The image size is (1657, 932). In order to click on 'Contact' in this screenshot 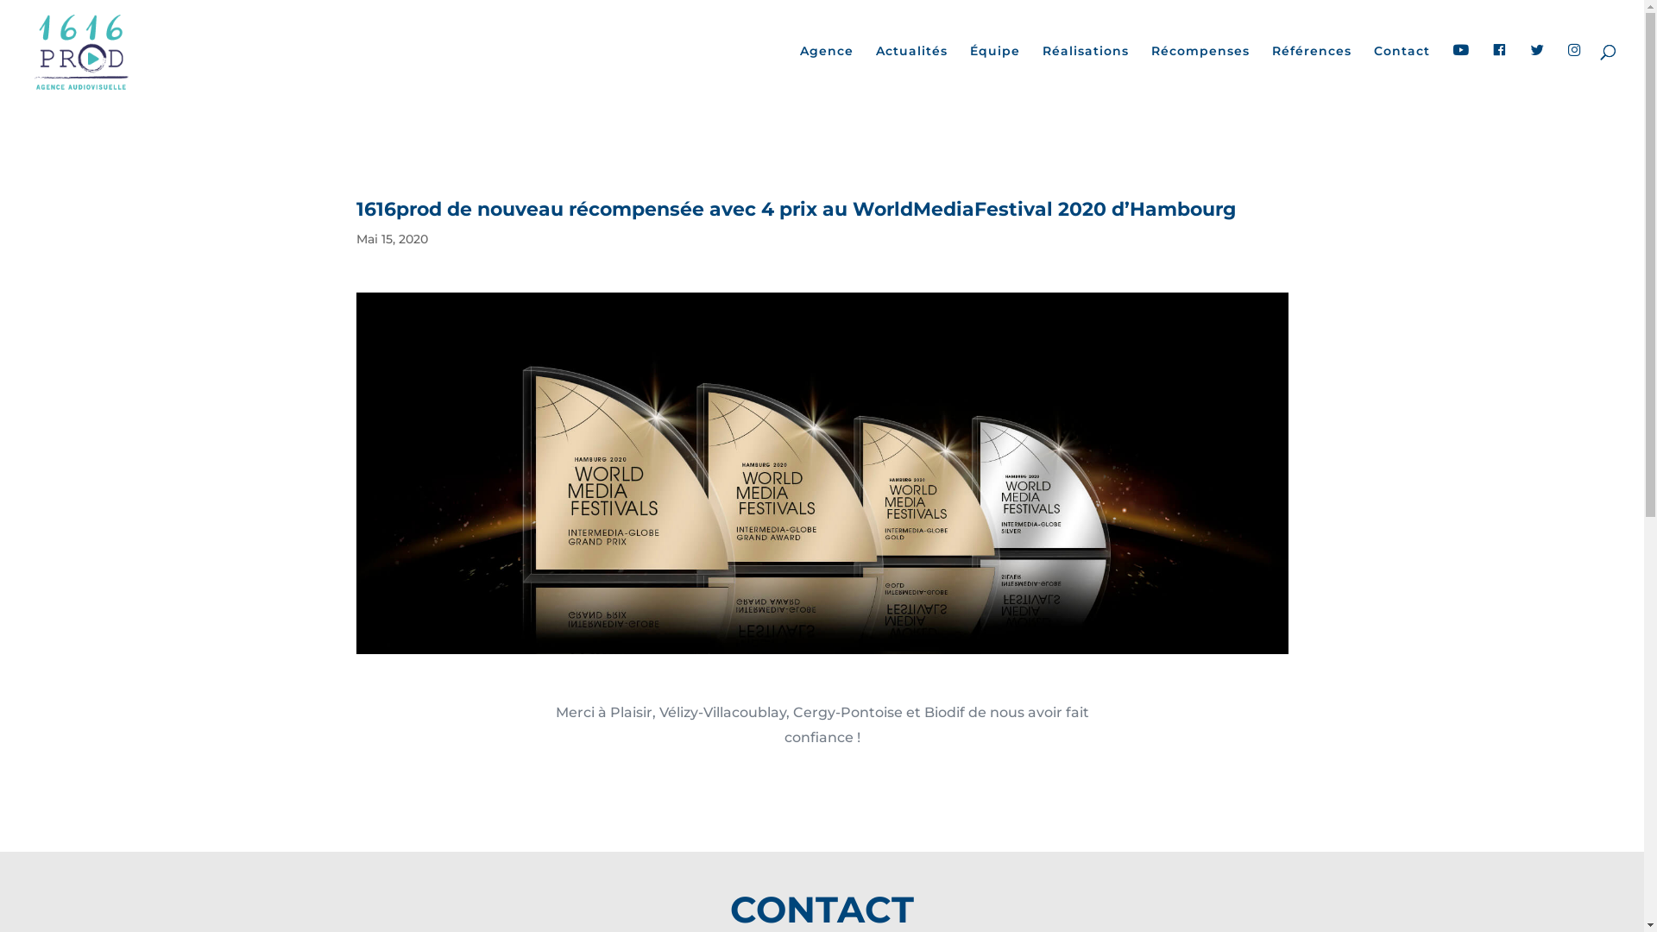, I will do `click(1402, 72)`.